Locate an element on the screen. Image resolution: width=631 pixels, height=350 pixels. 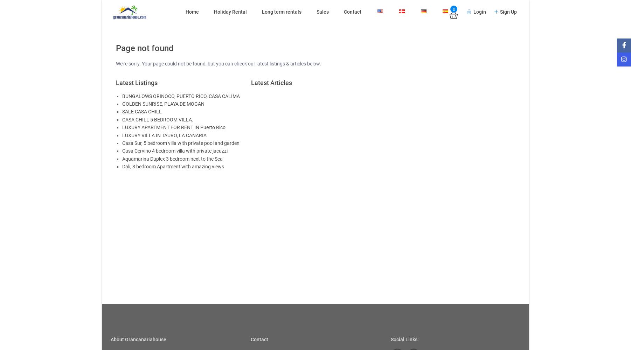
'Login' is located at coordinates (480, 12).